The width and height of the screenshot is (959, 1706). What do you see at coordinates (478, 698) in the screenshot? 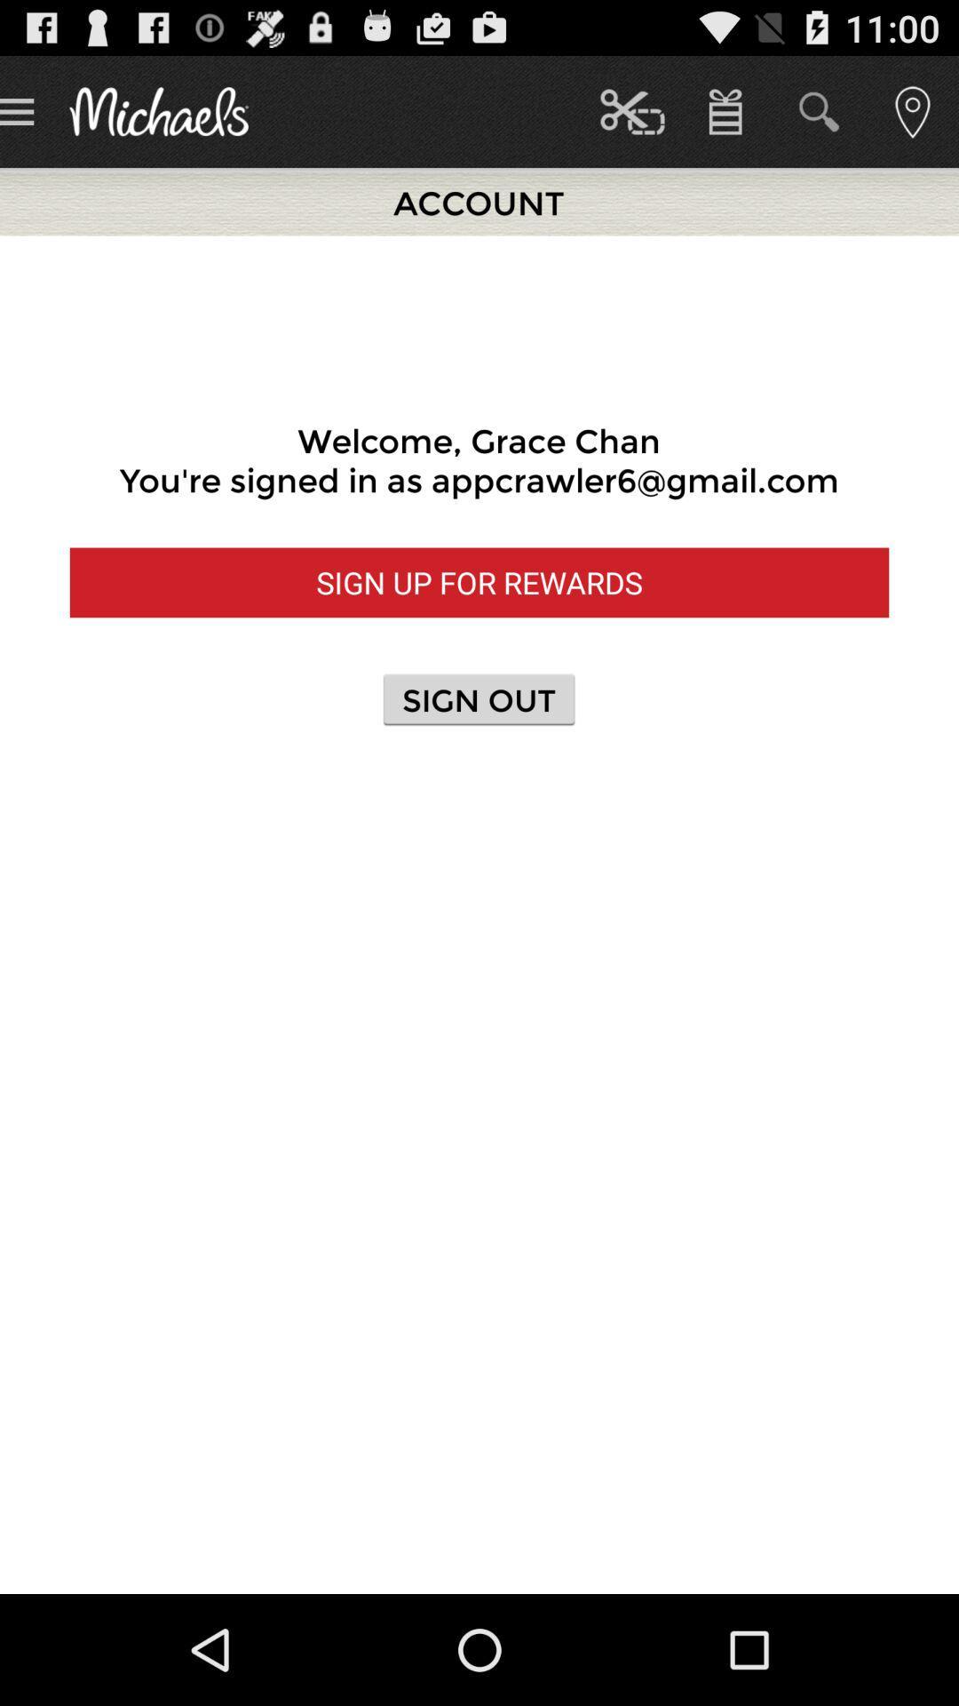
I see `button below sign up for button` at bounding box center [478, 698].